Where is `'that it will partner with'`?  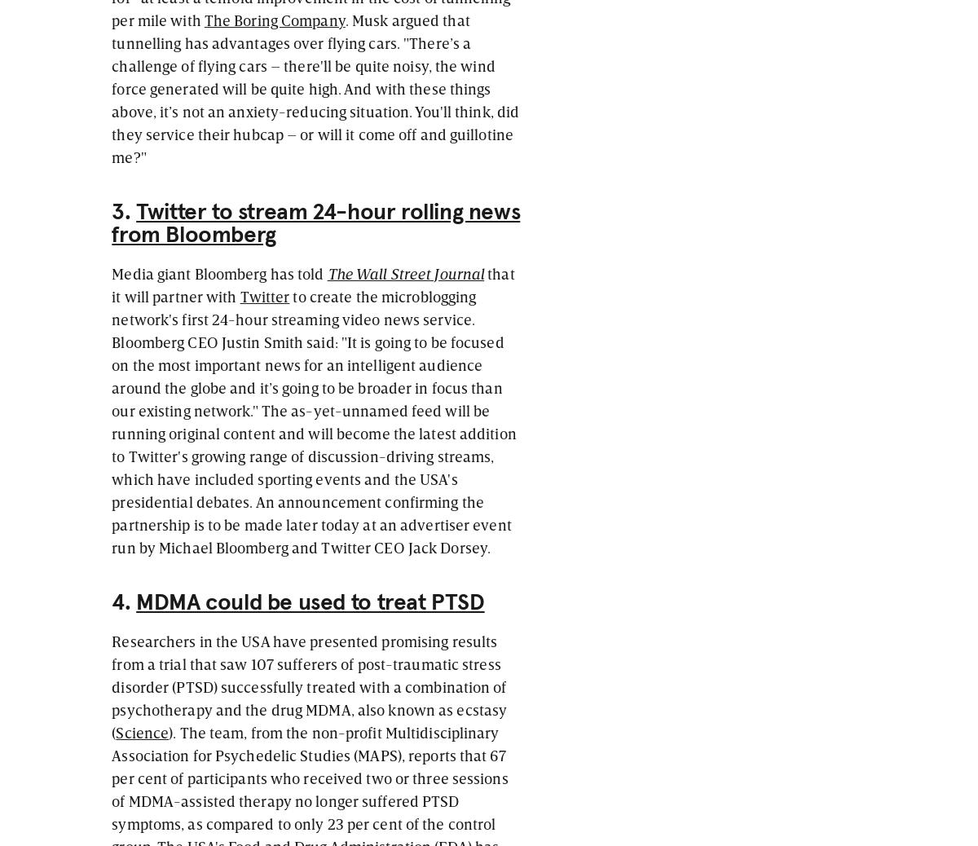 'that it will partner with' is located at coordinates (313, 284).